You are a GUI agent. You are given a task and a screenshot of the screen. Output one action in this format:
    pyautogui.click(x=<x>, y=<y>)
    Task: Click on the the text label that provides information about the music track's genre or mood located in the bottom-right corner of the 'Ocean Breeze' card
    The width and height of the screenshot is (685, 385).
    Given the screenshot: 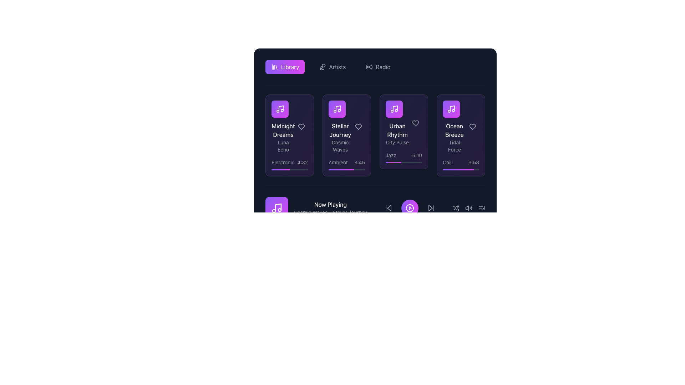 What is the action you would take?
    pyautogui.click(x=447, y=162)
    